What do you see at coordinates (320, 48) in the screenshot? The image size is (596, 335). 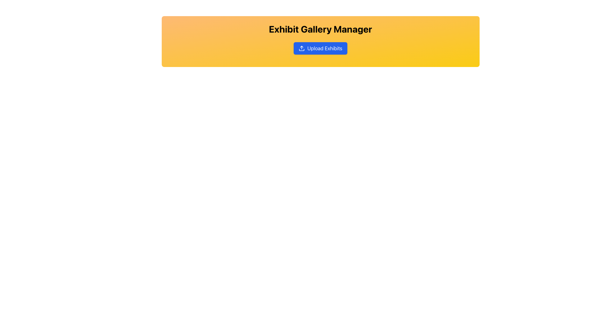 I see `the upload exhibits button located centrally below the 'Exhibit Gallery Manager' header for keyboard interaction` at bounding box center [320, 48].